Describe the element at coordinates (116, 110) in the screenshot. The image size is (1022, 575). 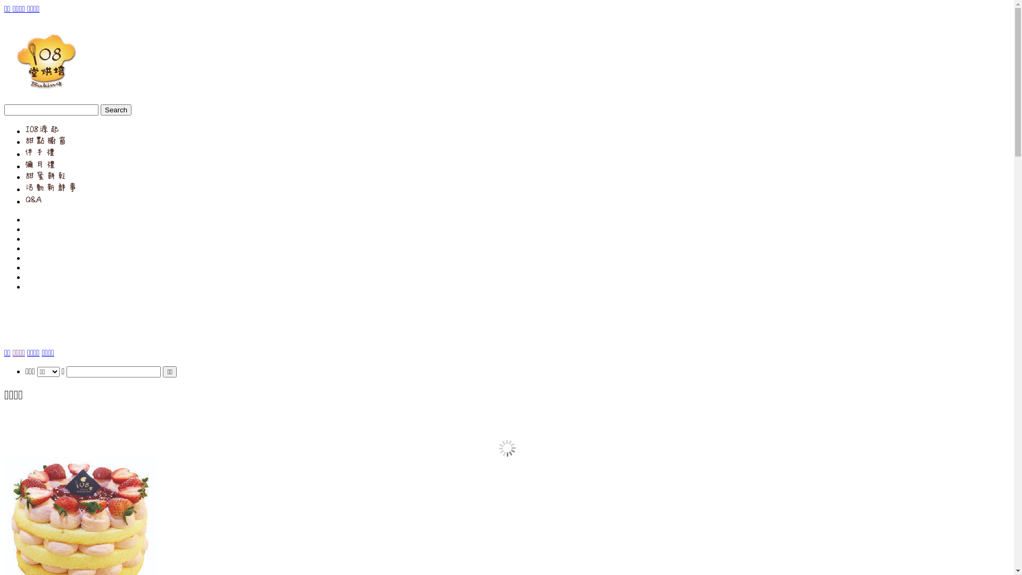
I see `'Search'` at that location.